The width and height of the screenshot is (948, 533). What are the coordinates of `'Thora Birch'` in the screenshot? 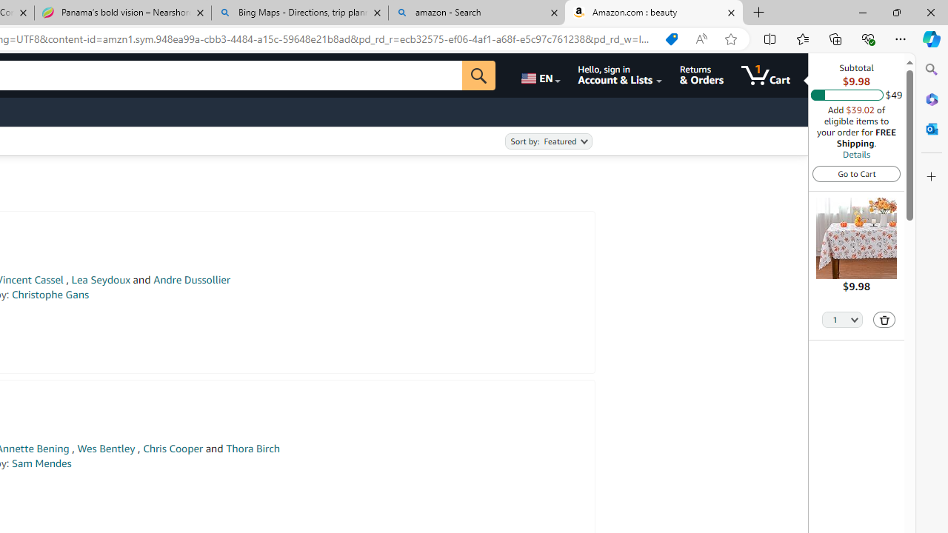 It's located at (253, 448).